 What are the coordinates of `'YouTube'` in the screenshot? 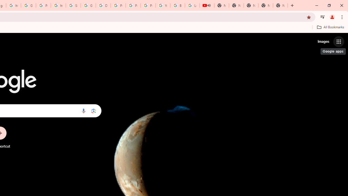 It's located at (163, 5).